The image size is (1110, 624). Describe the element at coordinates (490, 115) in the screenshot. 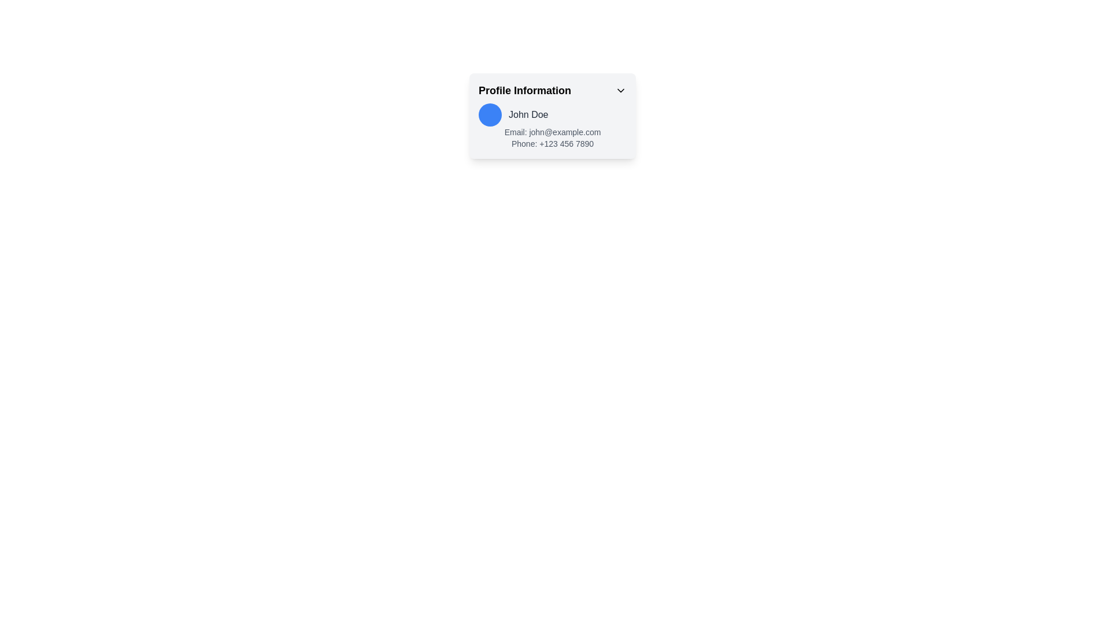

I see `the profile picture placeholder located to the left of the text 'John Doe' in the profile information section` at that location.